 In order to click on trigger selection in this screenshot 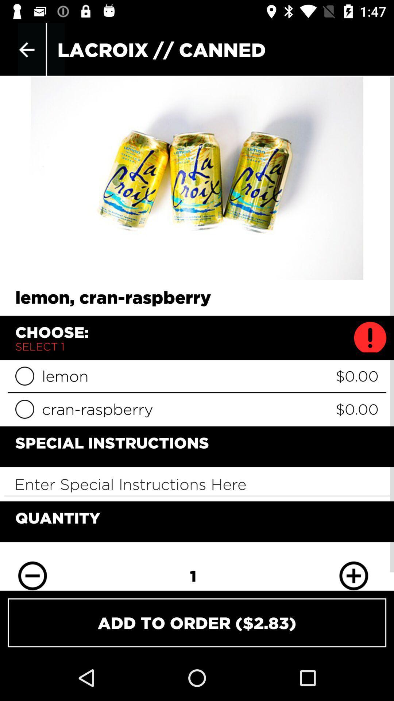, I will do `click(24, 376)`.